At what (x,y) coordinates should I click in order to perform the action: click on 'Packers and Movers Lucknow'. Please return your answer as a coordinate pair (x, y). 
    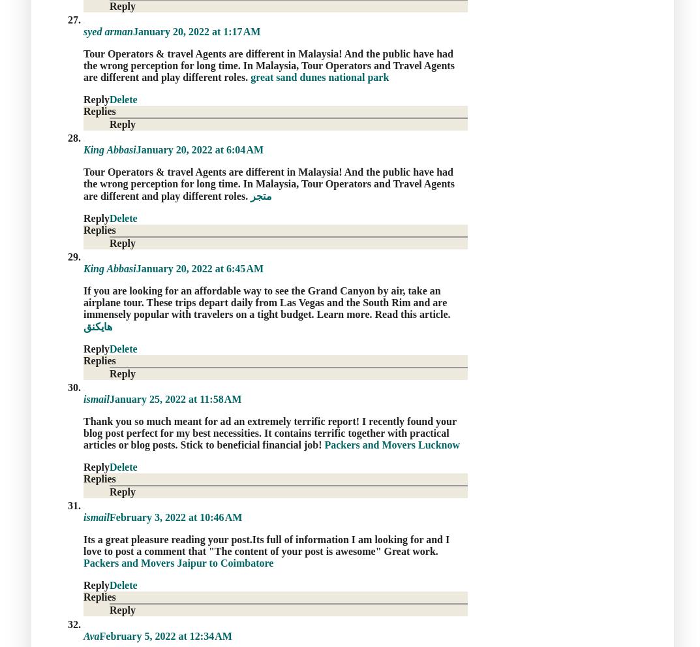
    Looking at the image, I should click on (391, 445).